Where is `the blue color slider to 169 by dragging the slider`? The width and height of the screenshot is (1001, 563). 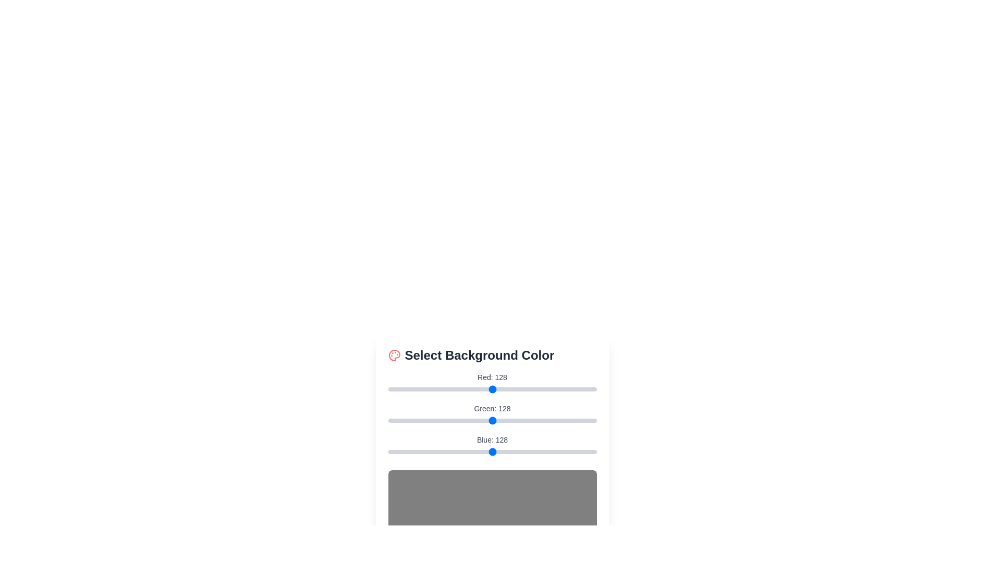 the blue color slider to 169 by dragging the slider is located at coordinates (526, 451).